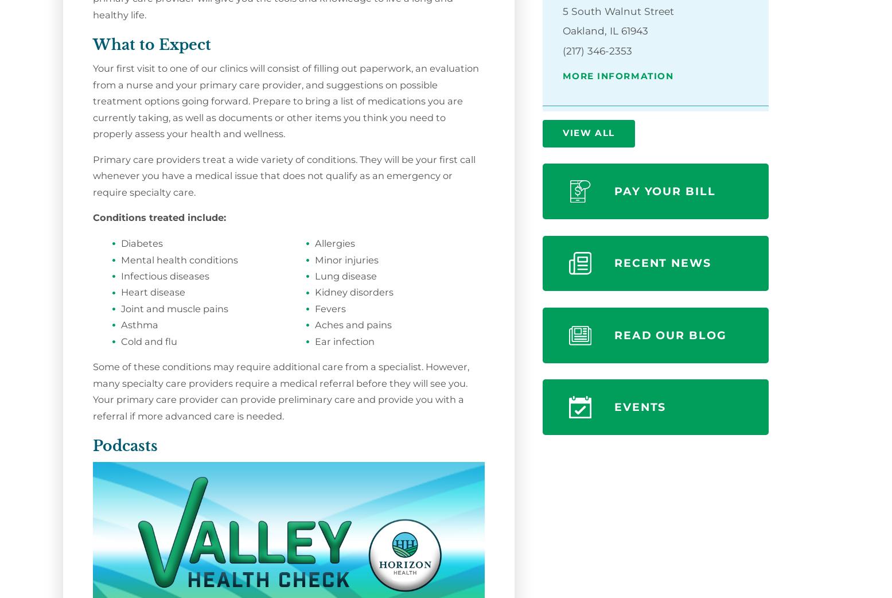 Image resolution: width=892 pixels, height=598 pixels. Describe the element at coordinates (165, 275) in the screenshot. I see `'Infectious diseases'` at that location.